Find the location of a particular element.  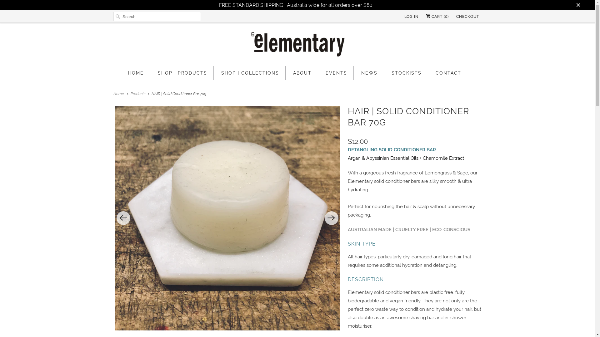

'ABOUT' is located at coordinates (302, 72).